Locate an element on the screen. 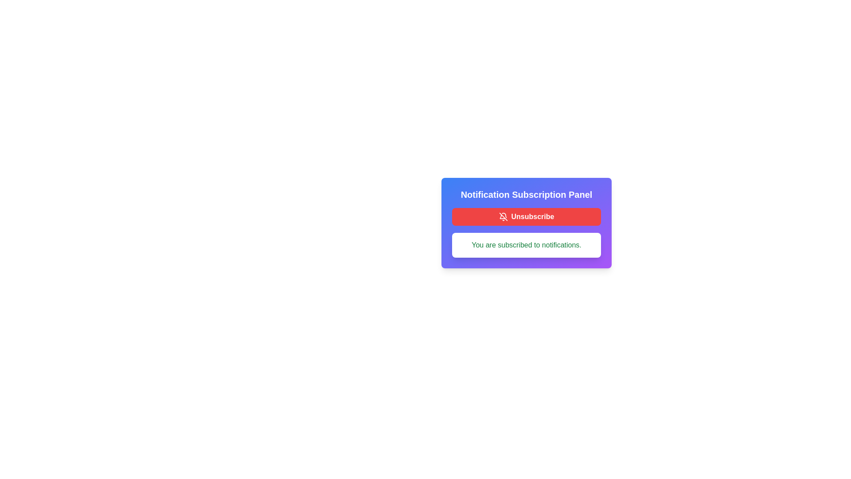 This screenshot has width=851, height=479. the top-left curved outline of the bell-off icon within the SVG component, which indicates a disabled notification state, located next to the 'Unsubscribe' button is located at coordinates (504, 215).